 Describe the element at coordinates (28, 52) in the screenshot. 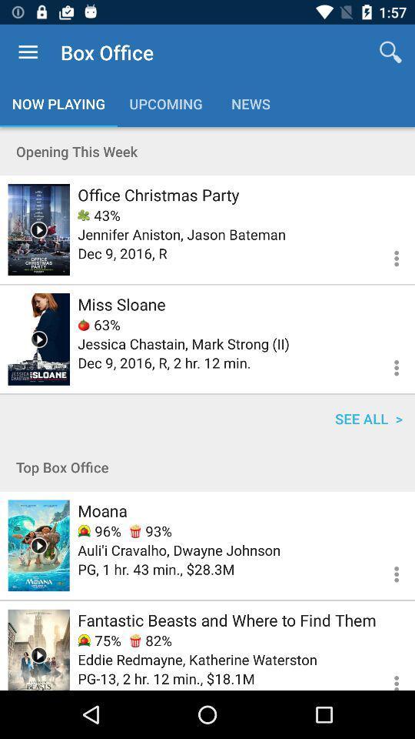

I see `icon next to box office item` at that location.